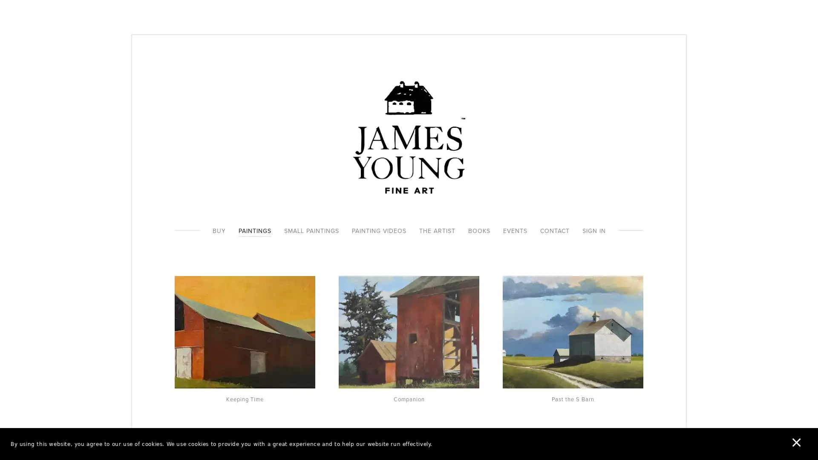  Describe the element at coordinates (409, 281) in the screenshot. I see `Sign Up!` at that location.